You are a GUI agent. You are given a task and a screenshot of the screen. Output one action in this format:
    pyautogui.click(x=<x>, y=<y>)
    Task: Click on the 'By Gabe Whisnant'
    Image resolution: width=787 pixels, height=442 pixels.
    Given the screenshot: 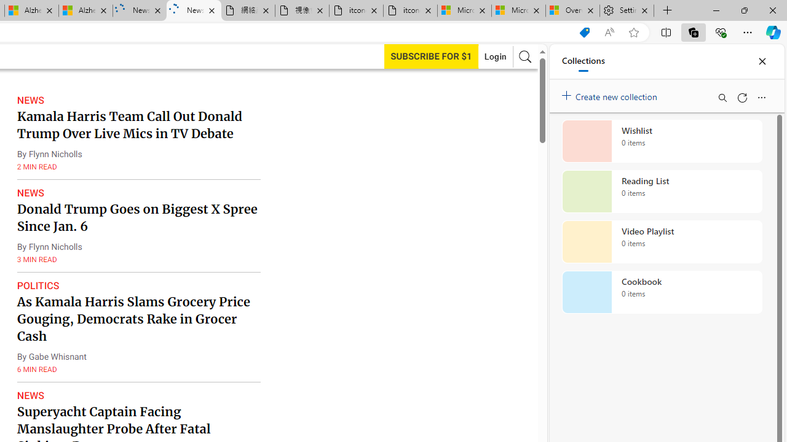 What is the action you would take?
    pyautogui.click(x=50, y=357)
    